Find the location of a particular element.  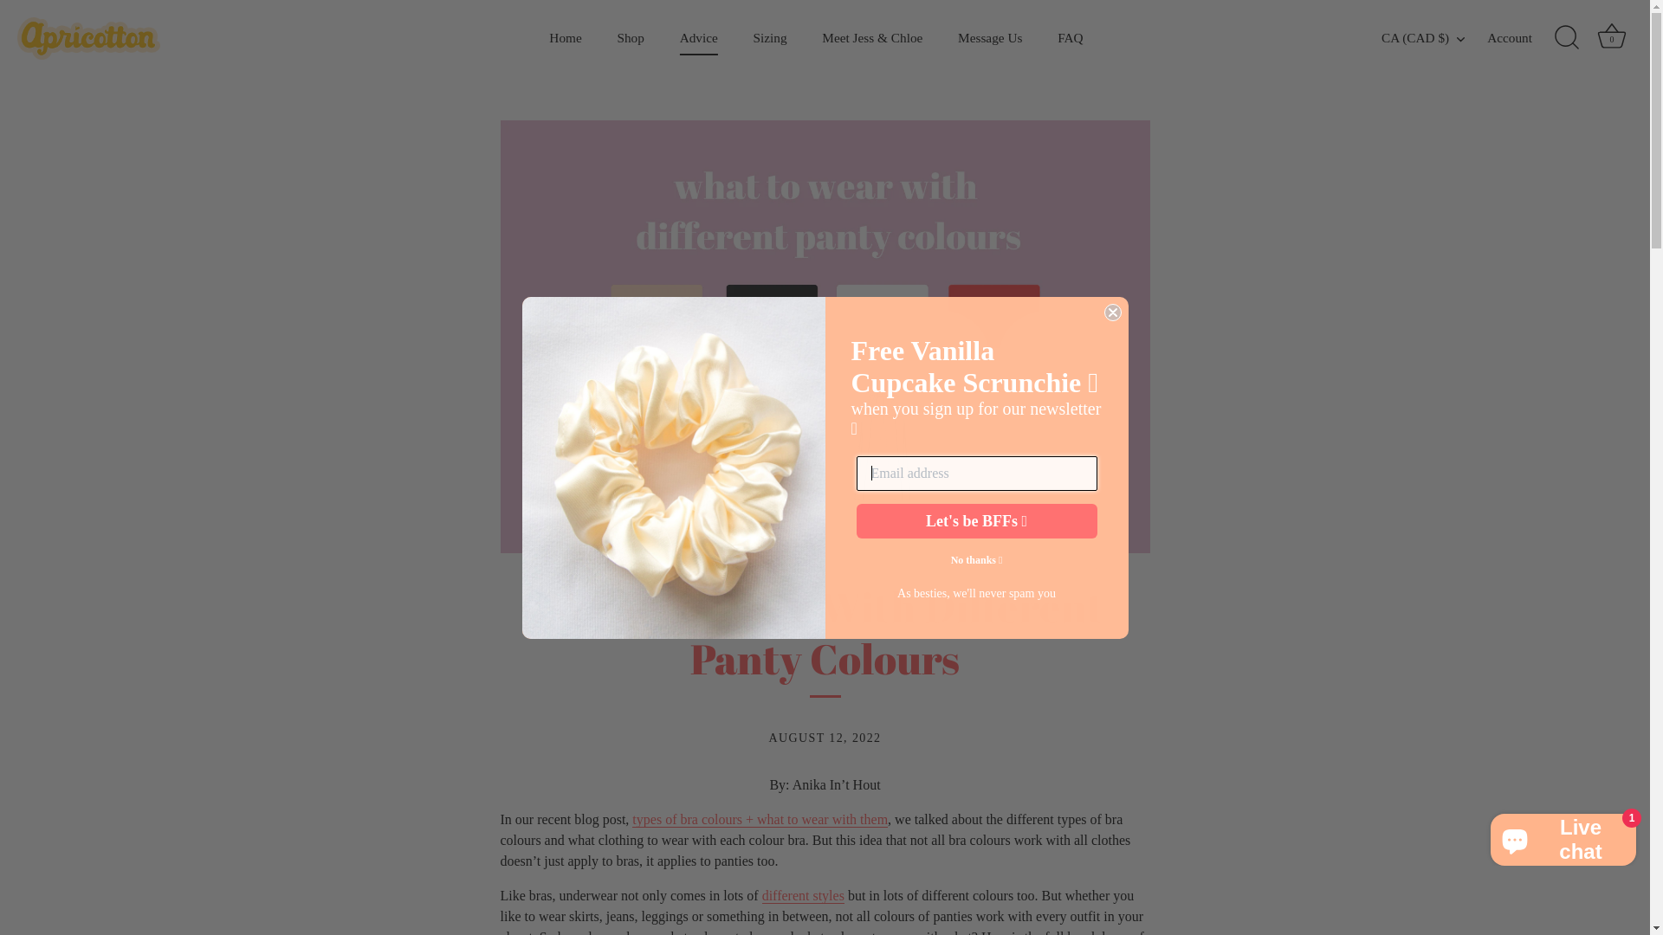

'Account' is located at coordinates (1486, 37).